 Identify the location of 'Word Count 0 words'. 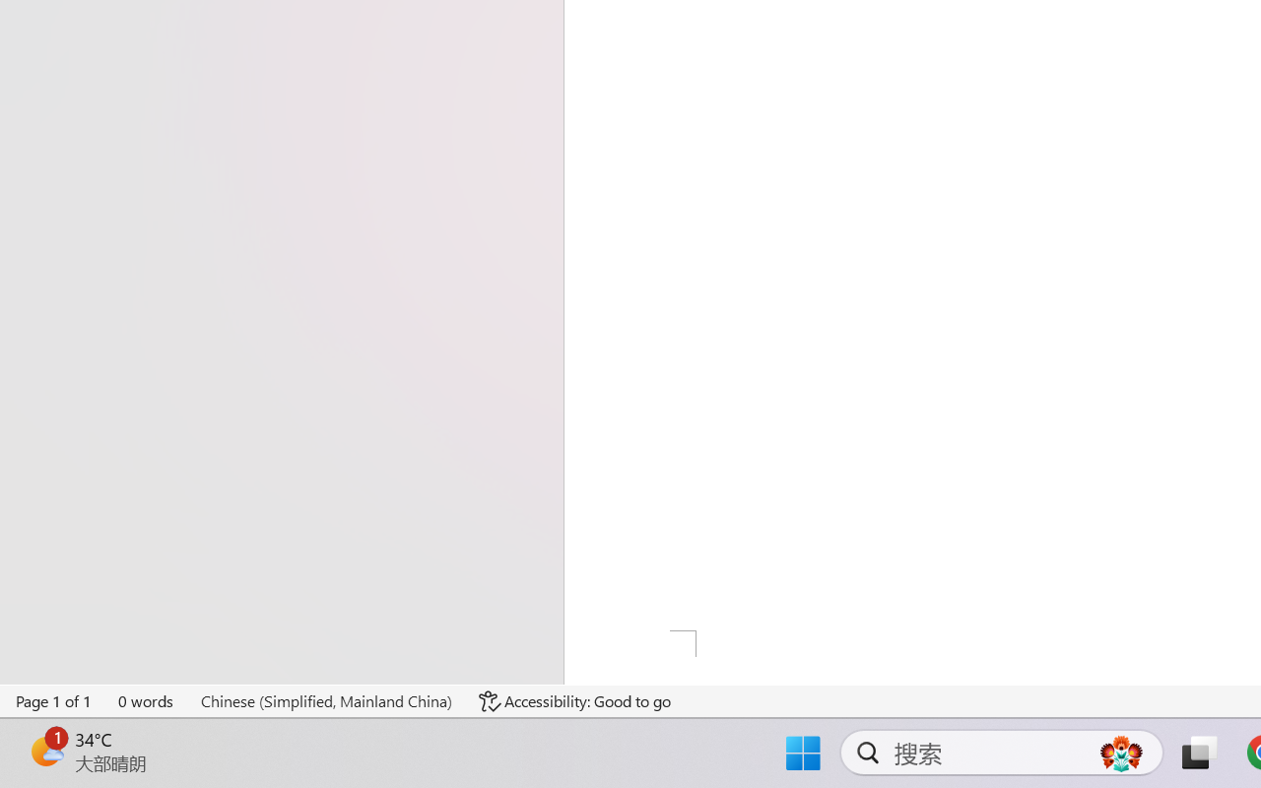
(146, 700).